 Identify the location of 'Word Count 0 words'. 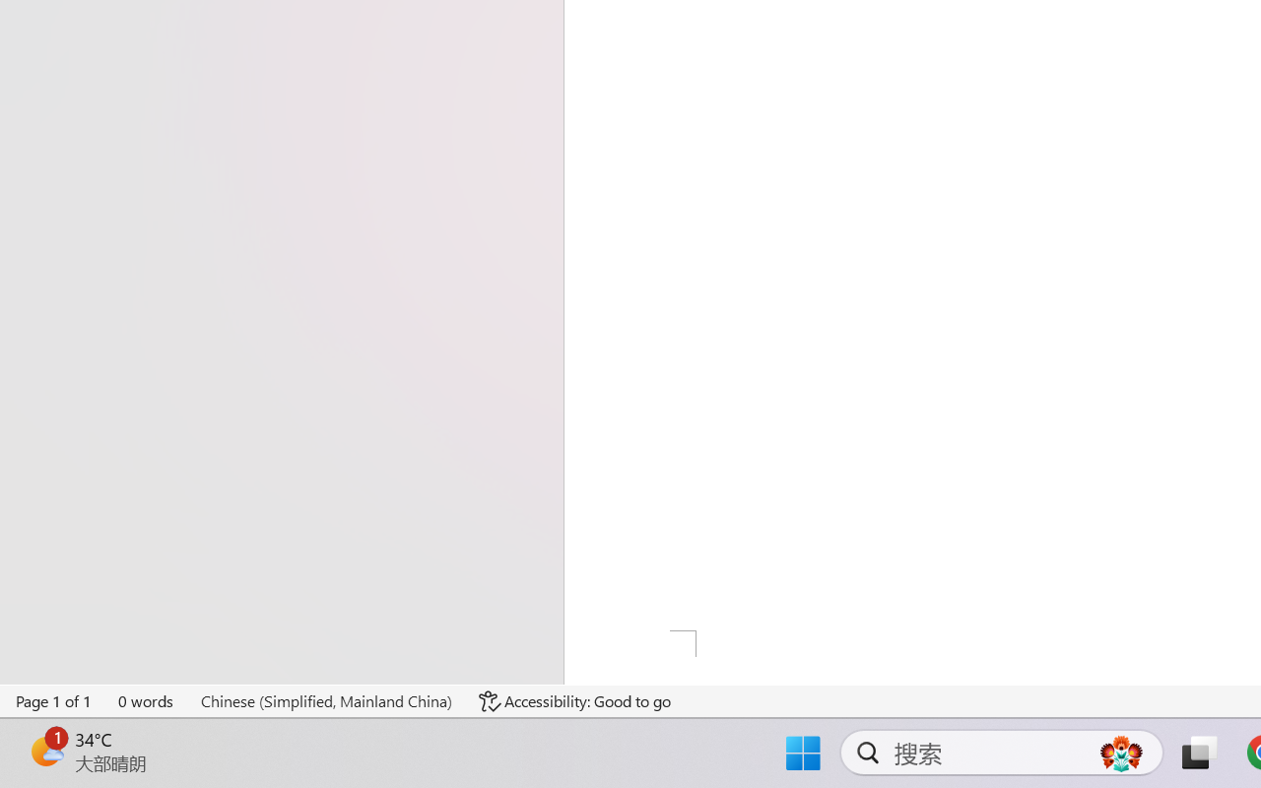
(146, 700).